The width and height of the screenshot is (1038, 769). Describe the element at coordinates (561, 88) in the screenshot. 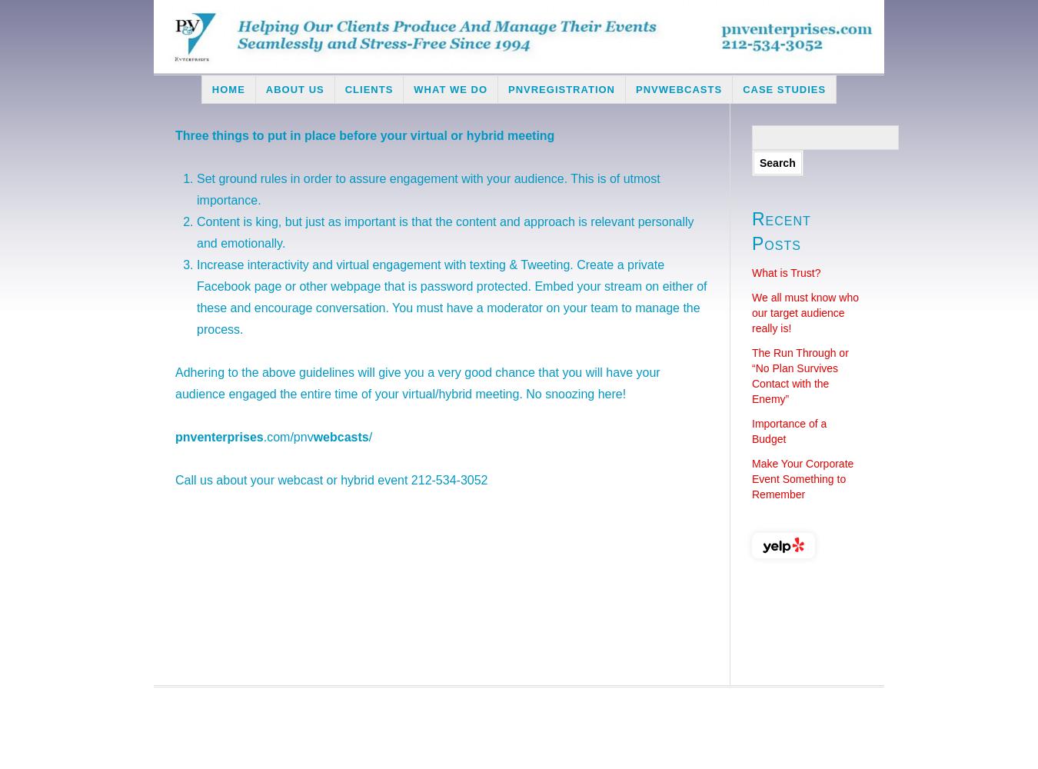

I see `'PNVRegistration'` at that location.